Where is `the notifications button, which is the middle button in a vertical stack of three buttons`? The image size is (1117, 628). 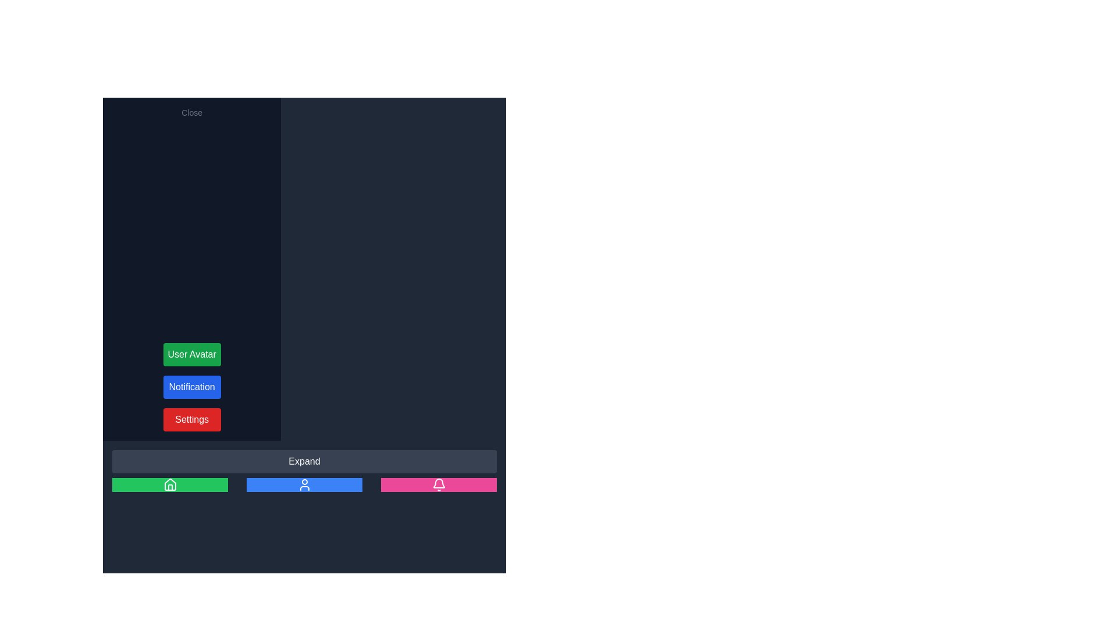
the notifications button, which is the middle button in a vertical stack of three buttons is located at coordinates (192, 387).